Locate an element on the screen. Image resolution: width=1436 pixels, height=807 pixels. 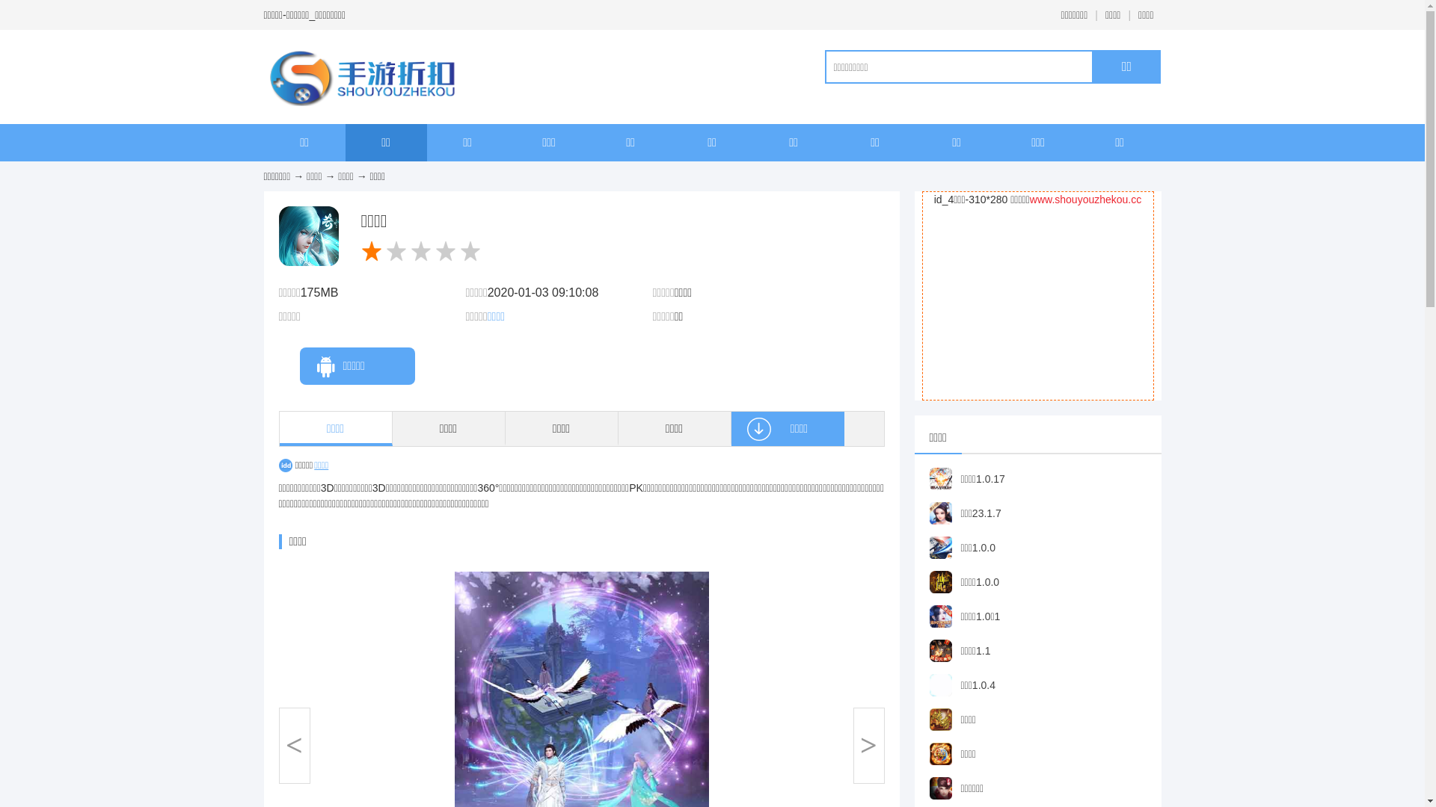
'www.shouyouzhekou.cc' is located at coordinates (1085, 198).